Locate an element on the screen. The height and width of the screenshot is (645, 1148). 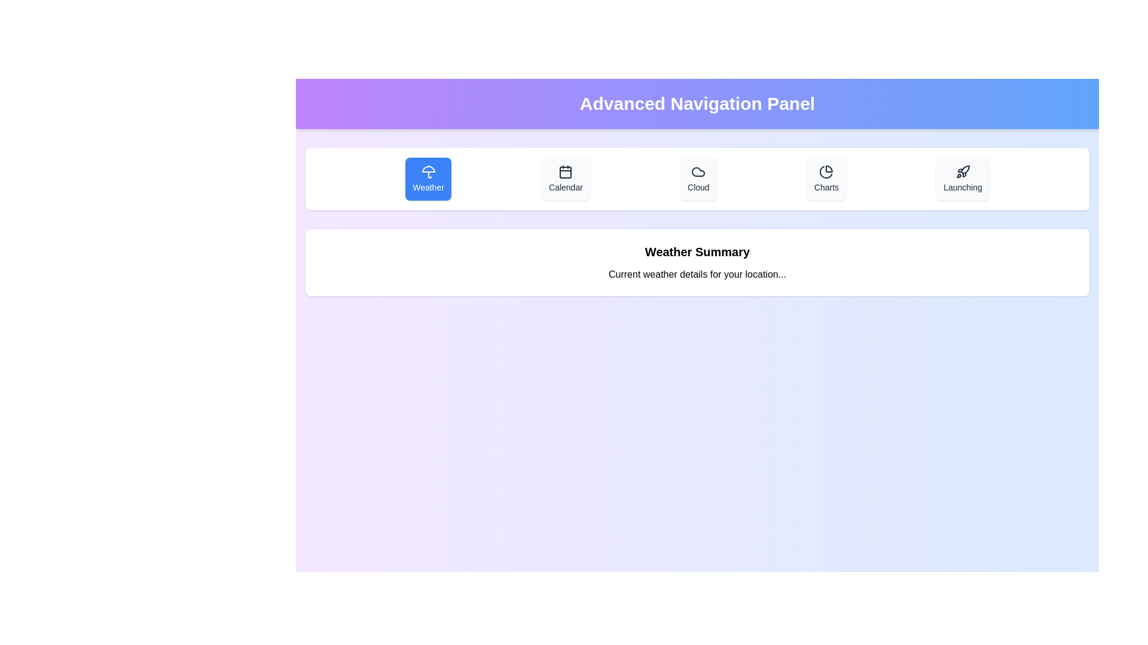
the static text element displaying 'Current weather details for your location...' which is positioned below the 'Weather Summary' title is located at coordinates (697, 274).